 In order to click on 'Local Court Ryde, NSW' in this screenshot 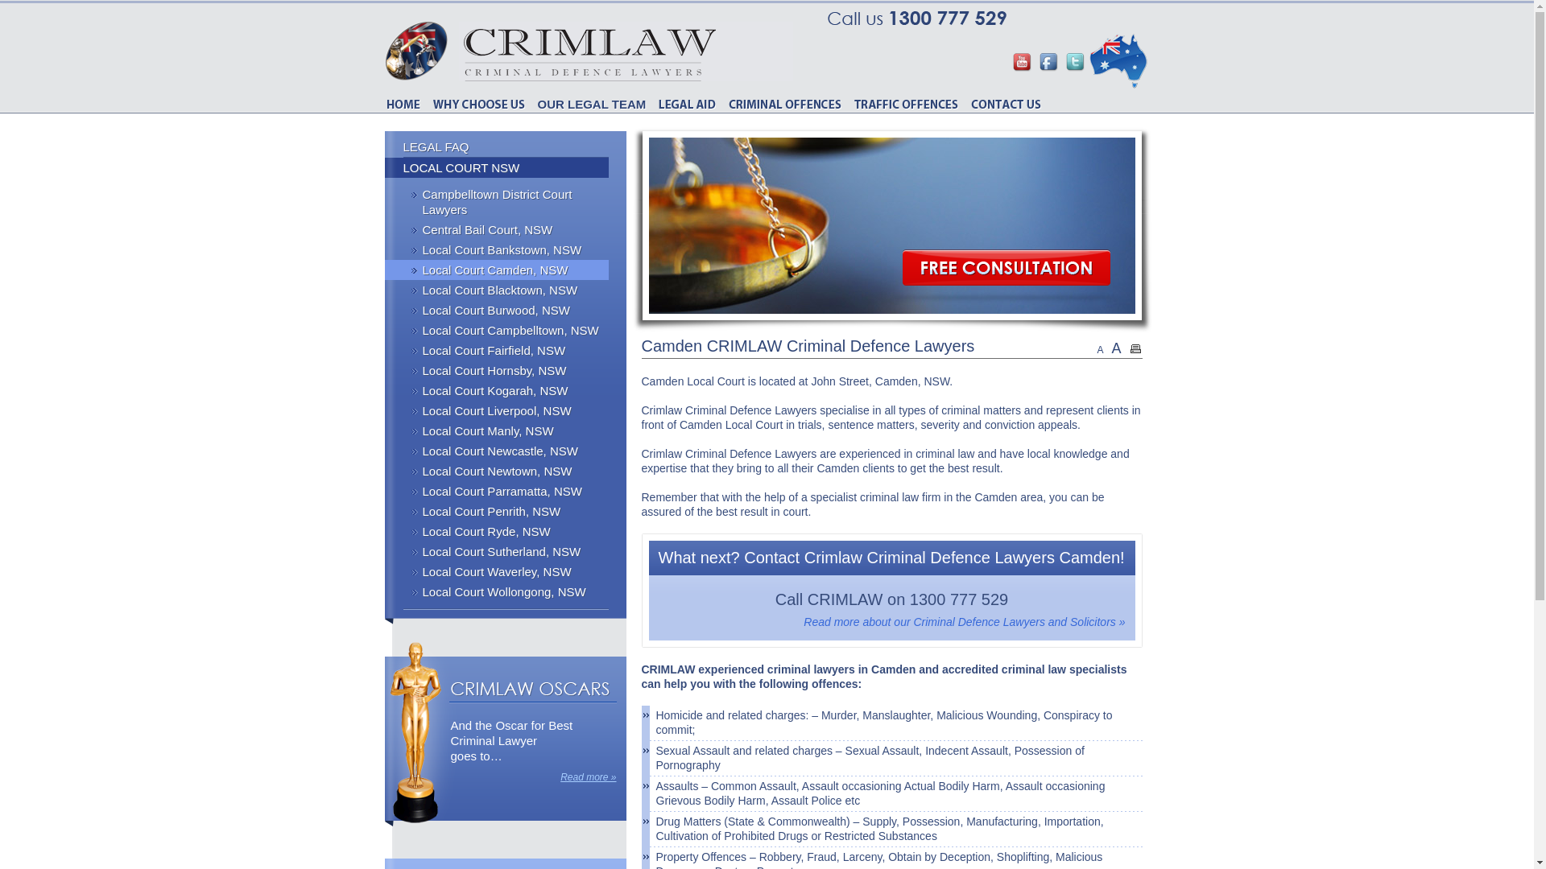, I will do `click(496, 531)`.